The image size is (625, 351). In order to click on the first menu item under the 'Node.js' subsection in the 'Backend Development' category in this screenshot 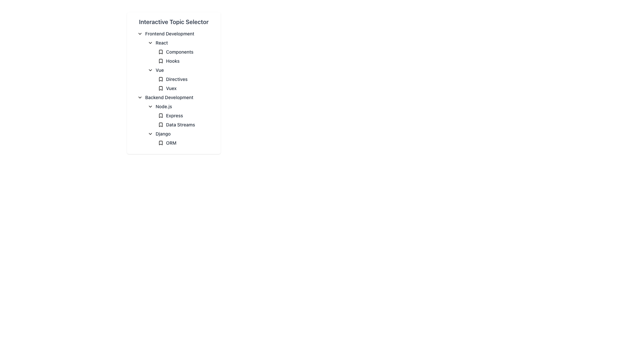, I will do `click(184, 120)`.